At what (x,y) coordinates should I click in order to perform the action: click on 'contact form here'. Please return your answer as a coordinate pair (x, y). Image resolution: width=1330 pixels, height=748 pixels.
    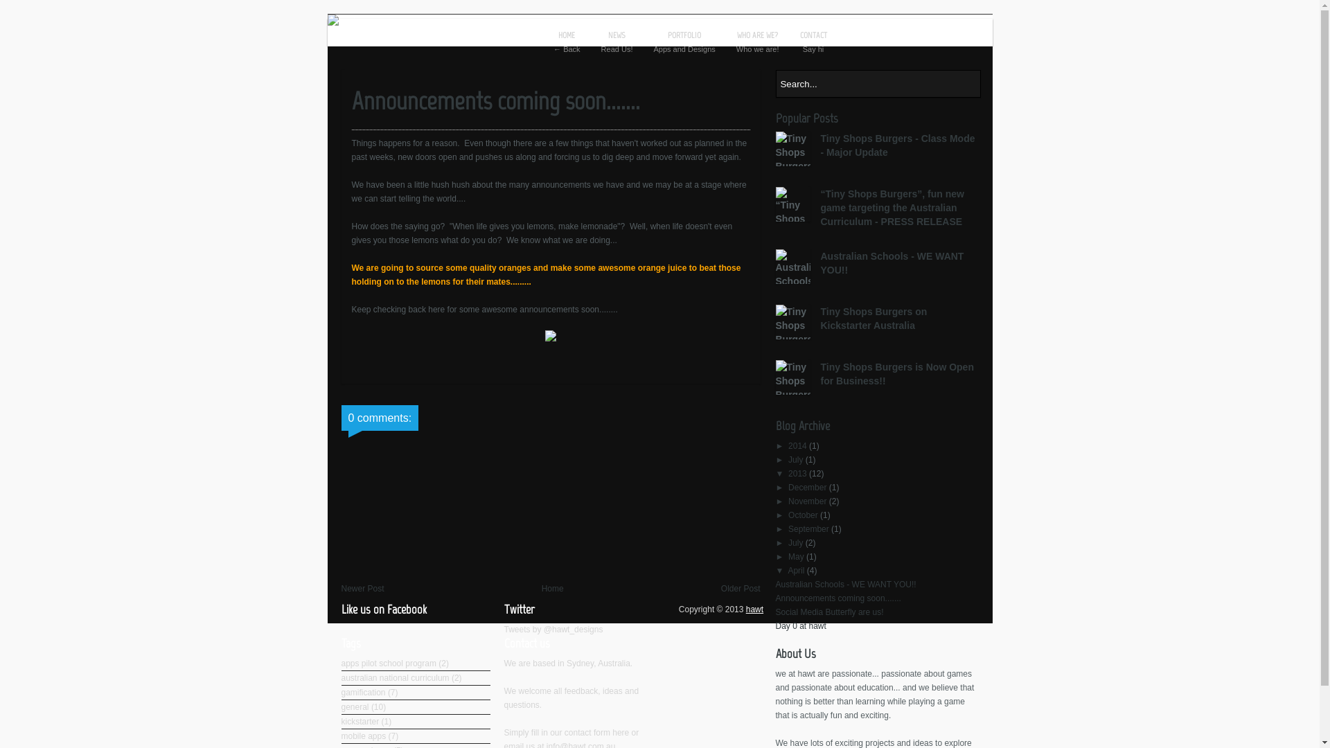
    Looking at the image, I should click on (596, 731).